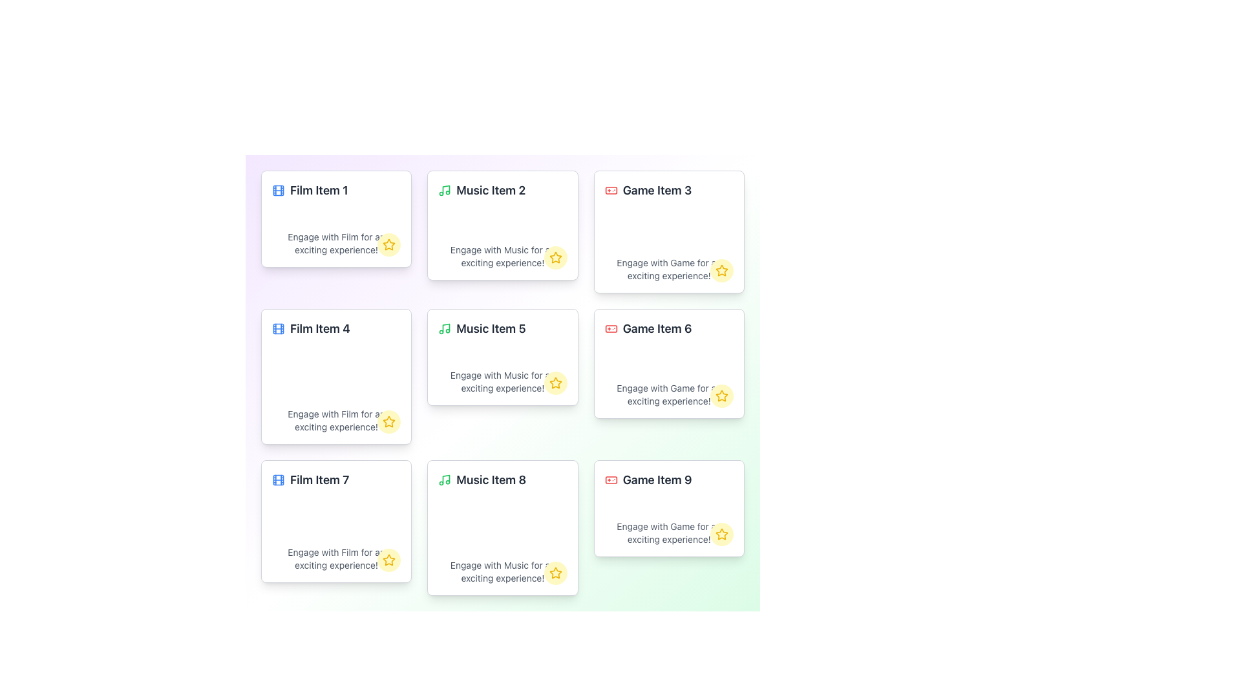 The width and height of the screenshot is (1241, 698). I want to click on the decorative outermost rectangle of the film icon located to the left of the 'Film Item 7' text, so click(278, 480).